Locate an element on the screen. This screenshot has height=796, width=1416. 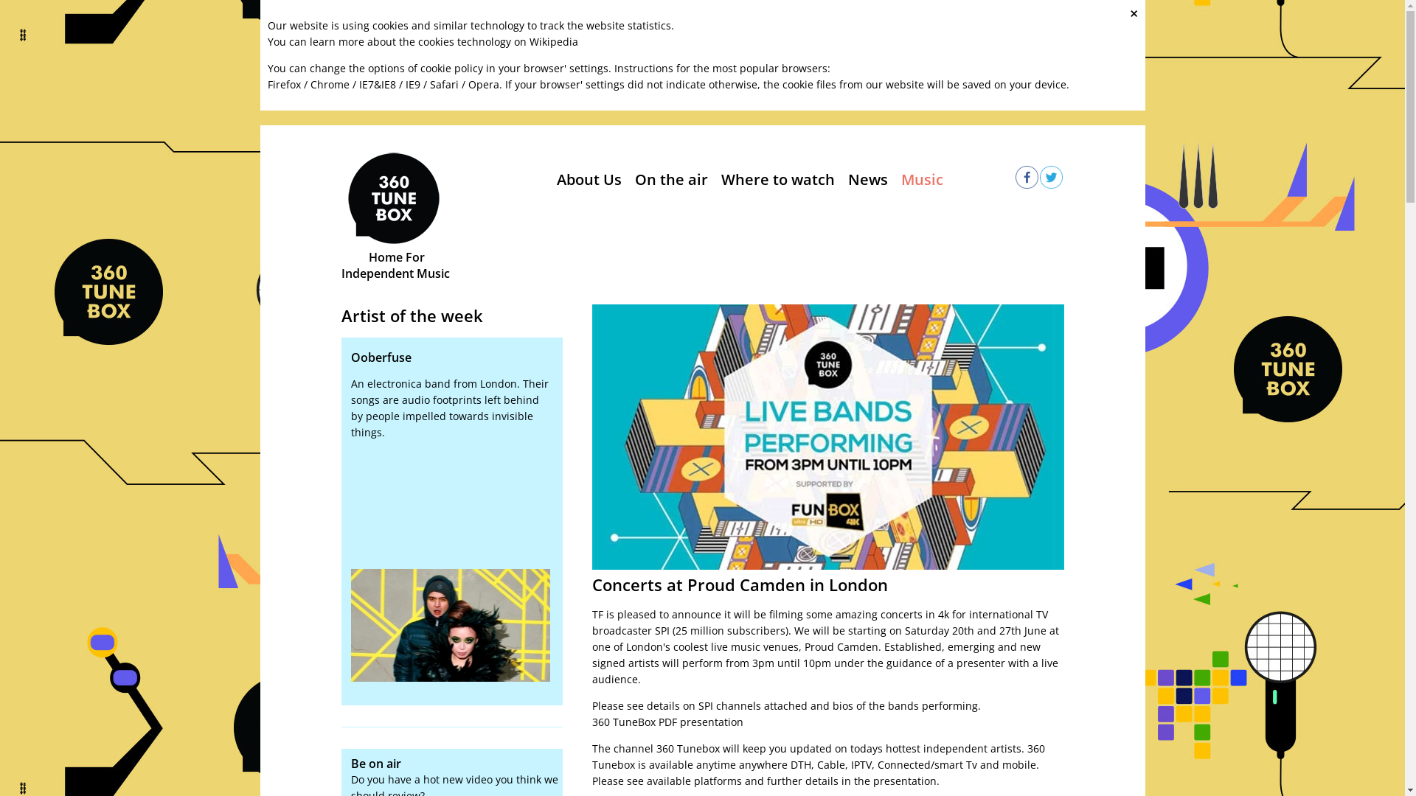
'Opera' is located at coordinates (466, 84).